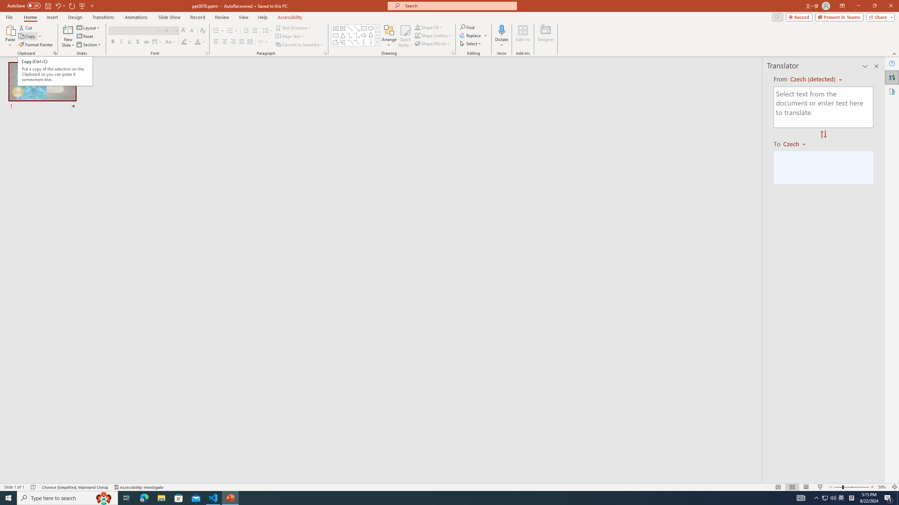  What do you see at coordinates (76, 17) in the screenshot?
I see `'Design'` at bounding box center [76, 17].